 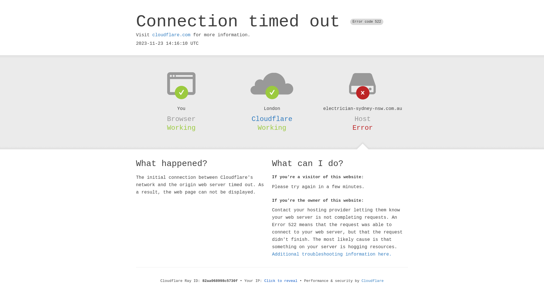 What do you see at coordinates (272, 119) in the screenshot?
I see `'Cloudflare'` at bounding box center [272, 119].